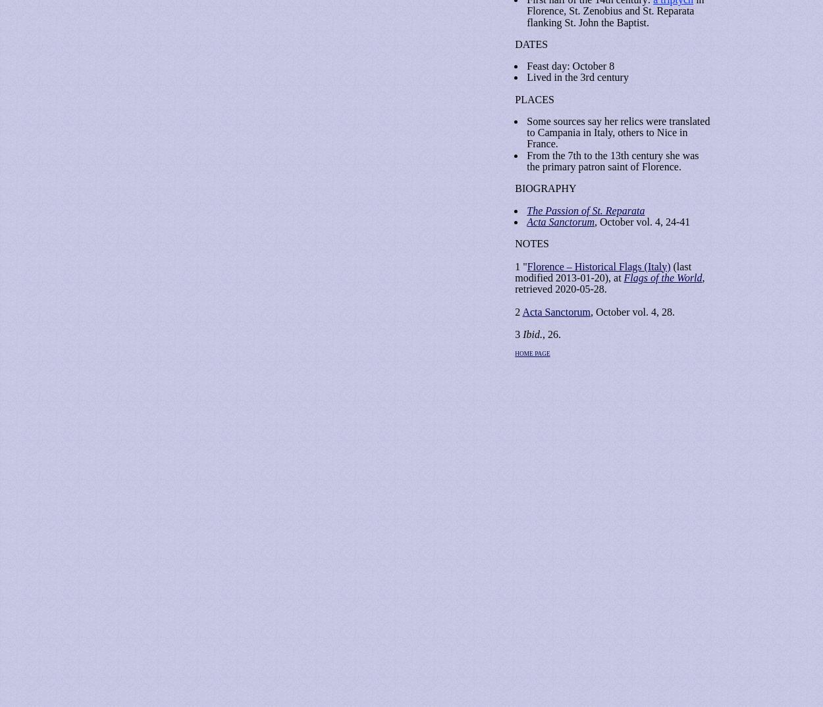 This screenshot has height=707, width=823. Describe the element at coordinates (534, 99) in the screenshot. I see `'PLACES'` at that location.